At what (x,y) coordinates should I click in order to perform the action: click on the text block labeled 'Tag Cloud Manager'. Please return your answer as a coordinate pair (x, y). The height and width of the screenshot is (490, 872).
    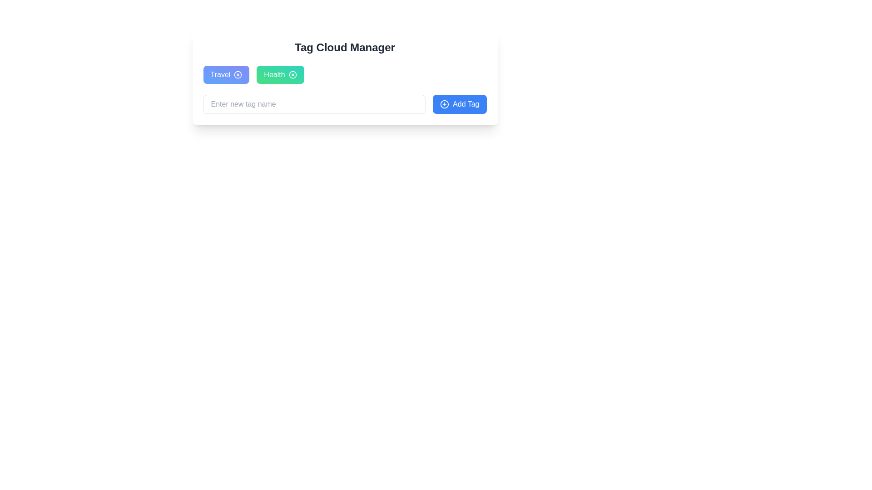
    Looking at the image, I should click on (344, 47).